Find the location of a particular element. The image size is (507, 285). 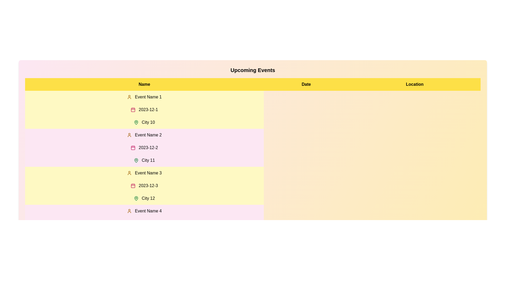

the row corresponding to 2 in the table is located at coordinates (144, 148).